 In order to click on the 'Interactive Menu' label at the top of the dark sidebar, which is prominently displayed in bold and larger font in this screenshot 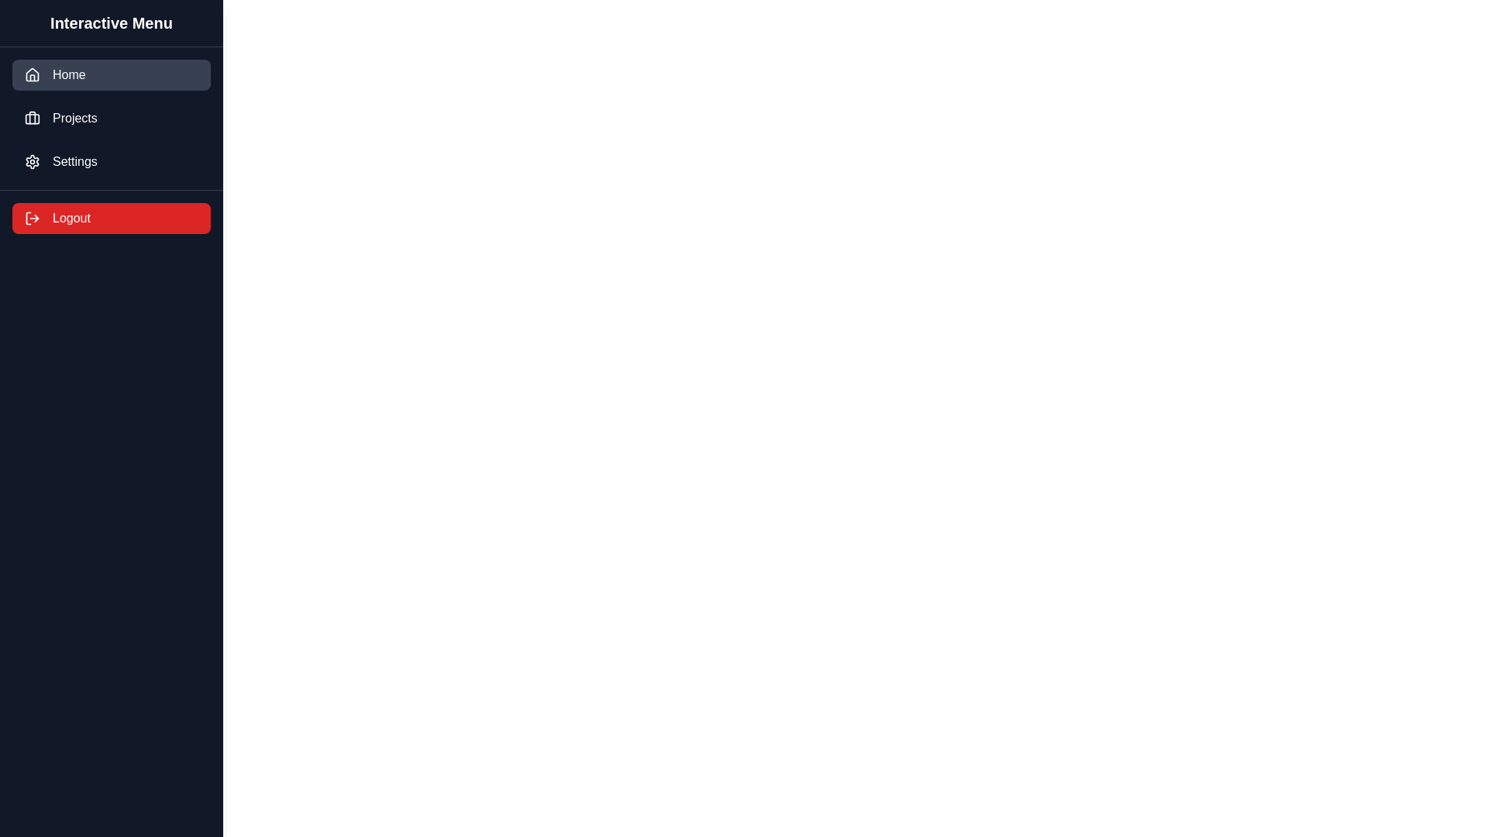, I will do `click(111, 23)`.